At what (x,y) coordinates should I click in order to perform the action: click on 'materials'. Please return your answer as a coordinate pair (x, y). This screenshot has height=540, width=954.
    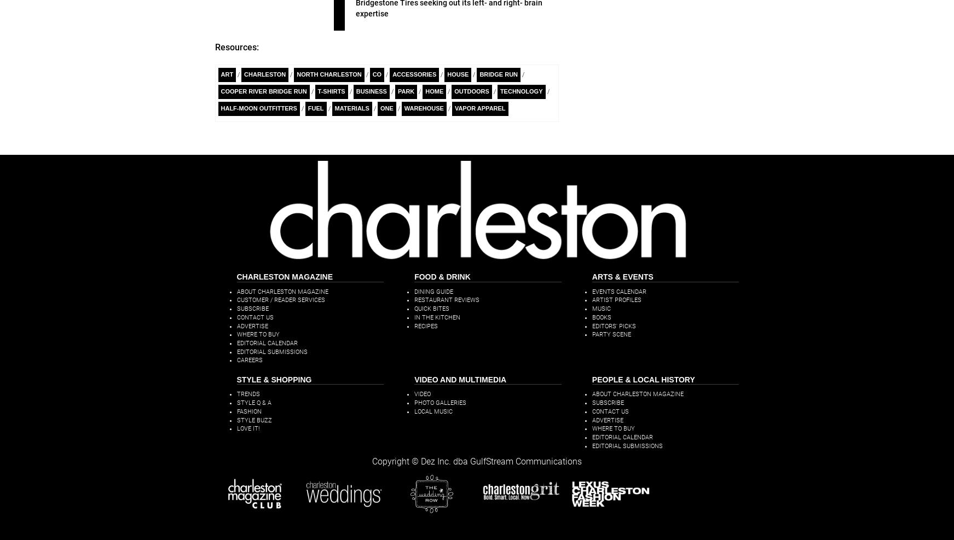
    Looking at the image, I should click on (333, 107).